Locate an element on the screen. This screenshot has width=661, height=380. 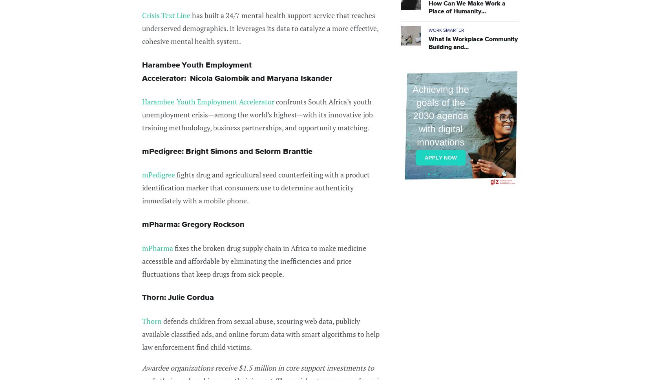
'Crisis Text Line' is located at coordinates (166, 15).